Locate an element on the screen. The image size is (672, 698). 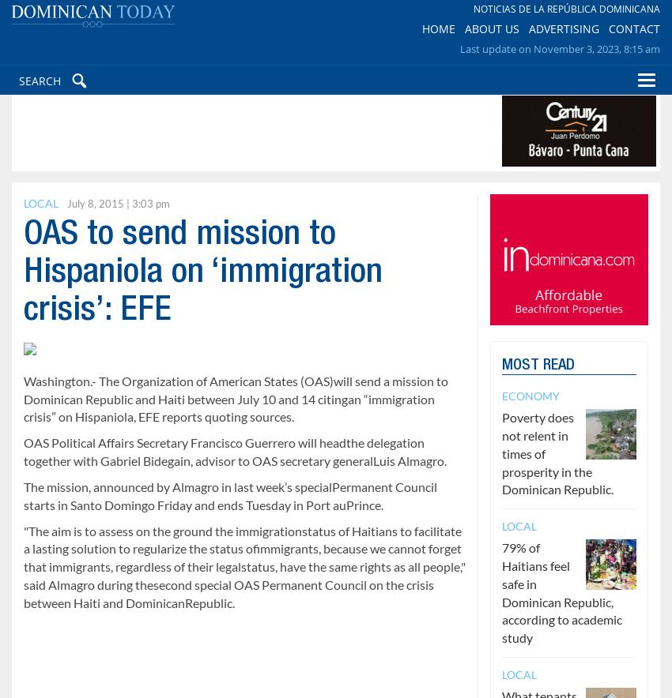
'Noticias de la República Dominicana' is located at coordinates (472, 16).